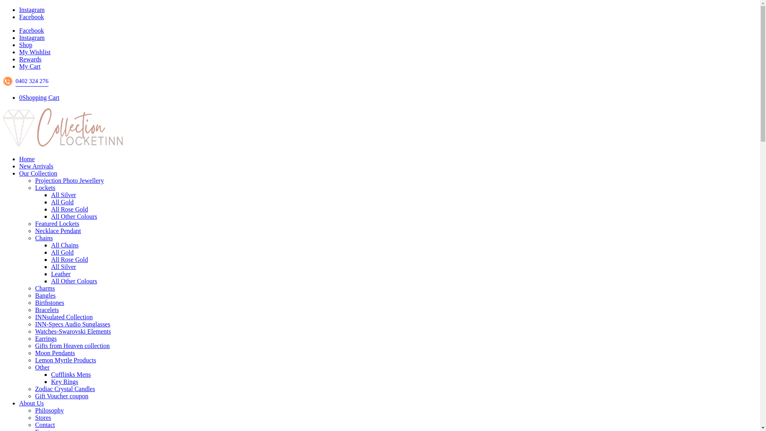 The width and height of the screenshot is (766, 431). What do you see at coordinates (36, 166) in the screenshot?
I see `'New Arrivals'` at bounding box center [36, 166].